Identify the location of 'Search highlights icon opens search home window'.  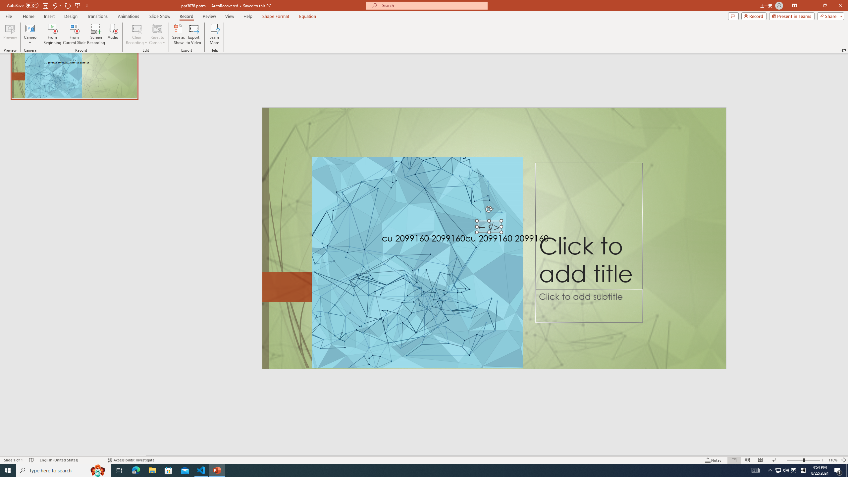
(97, 470).